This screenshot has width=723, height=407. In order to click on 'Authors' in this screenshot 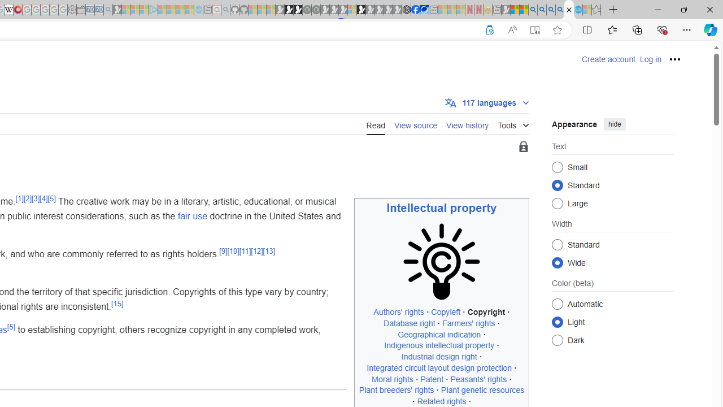, I will do `click(399, 312)`.